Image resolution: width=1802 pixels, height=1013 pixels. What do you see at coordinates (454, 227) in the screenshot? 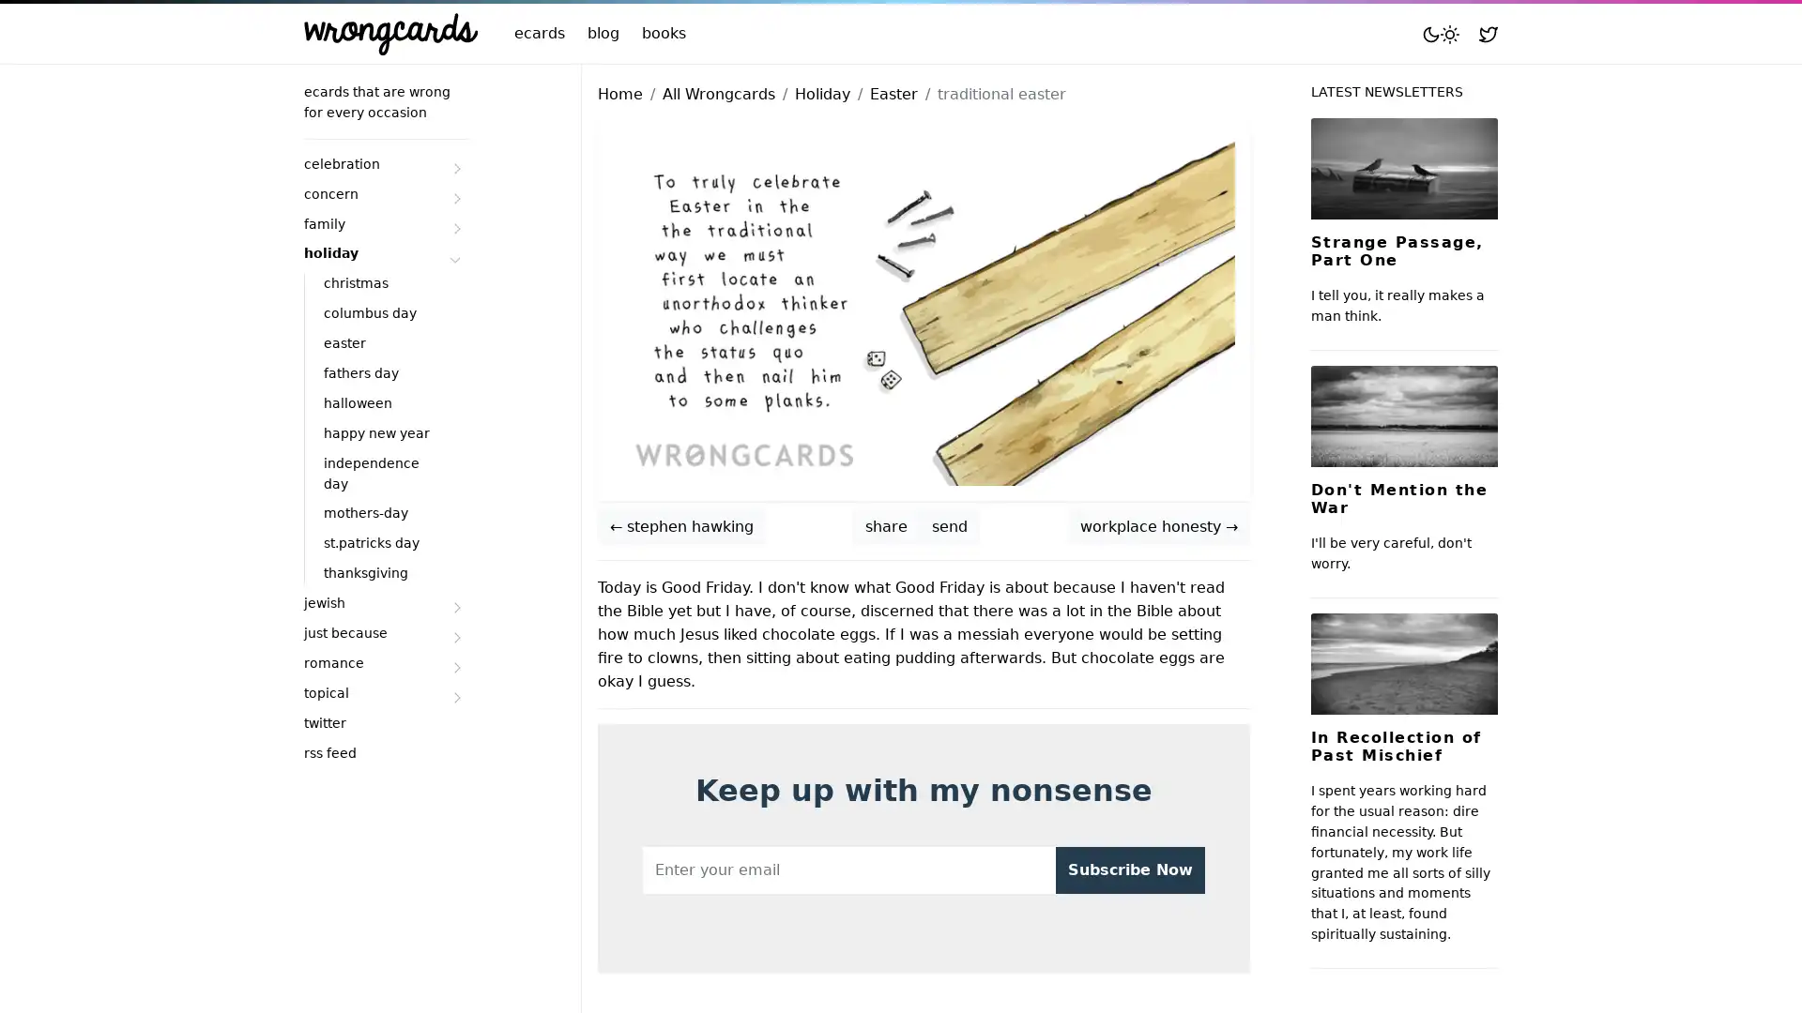
I see `Submenu` at bounding box center [454, 227].